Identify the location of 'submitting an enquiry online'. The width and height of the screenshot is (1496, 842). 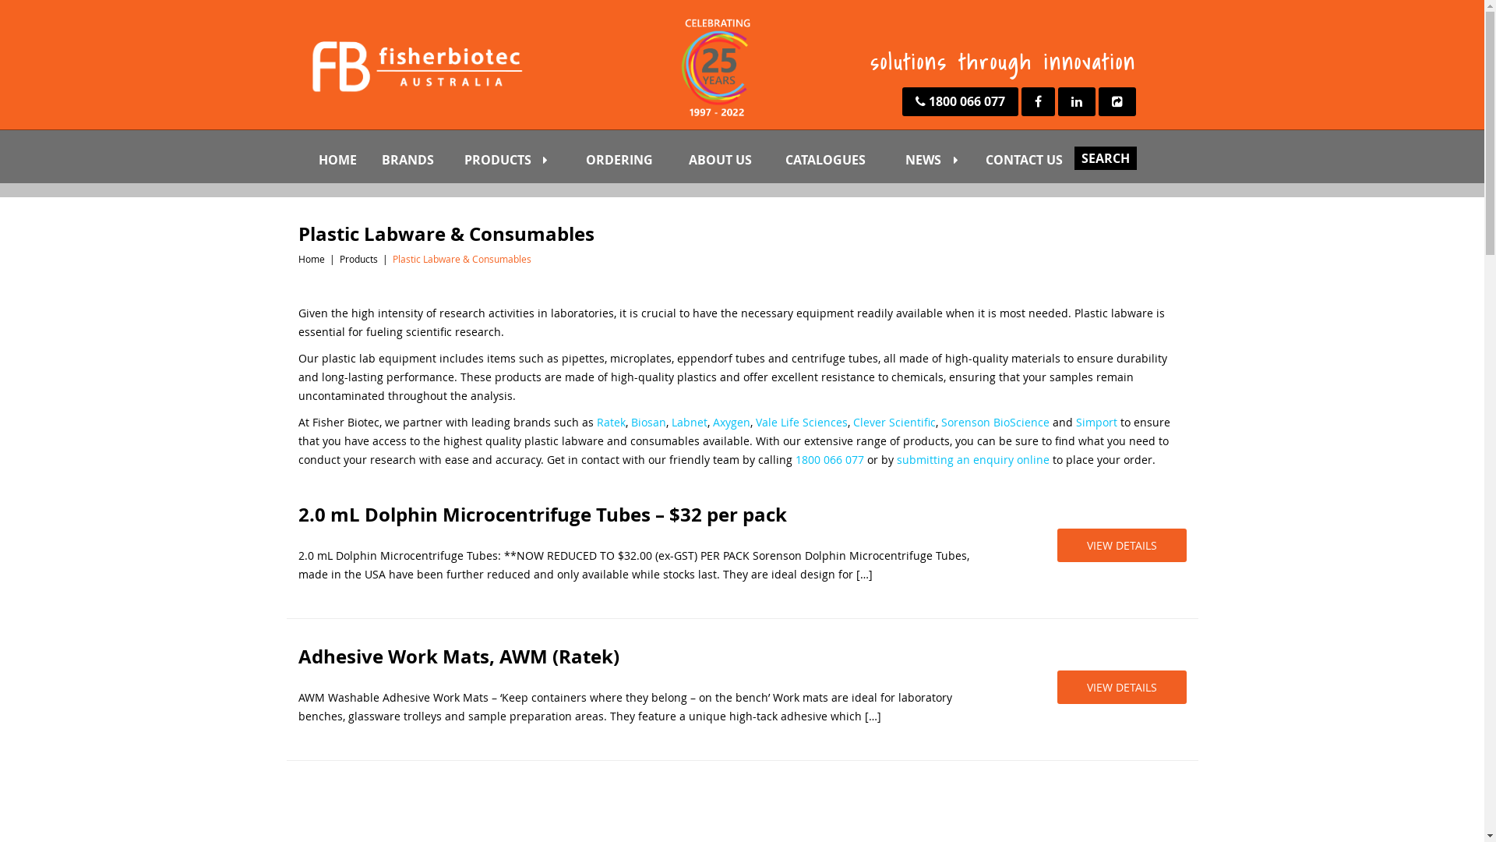
(972, 458).